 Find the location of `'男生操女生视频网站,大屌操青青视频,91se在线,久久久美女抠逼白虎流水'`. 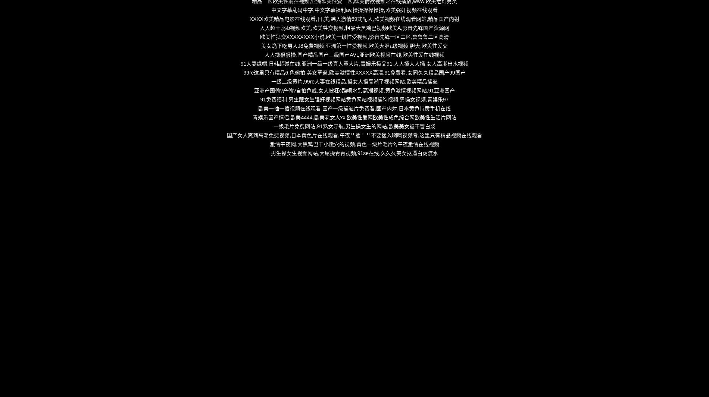

'男生操女生视频网站,大屌操青青视频,91se在线,久久久美女抠逼白虎流水' is located at coordinates (270, 152).